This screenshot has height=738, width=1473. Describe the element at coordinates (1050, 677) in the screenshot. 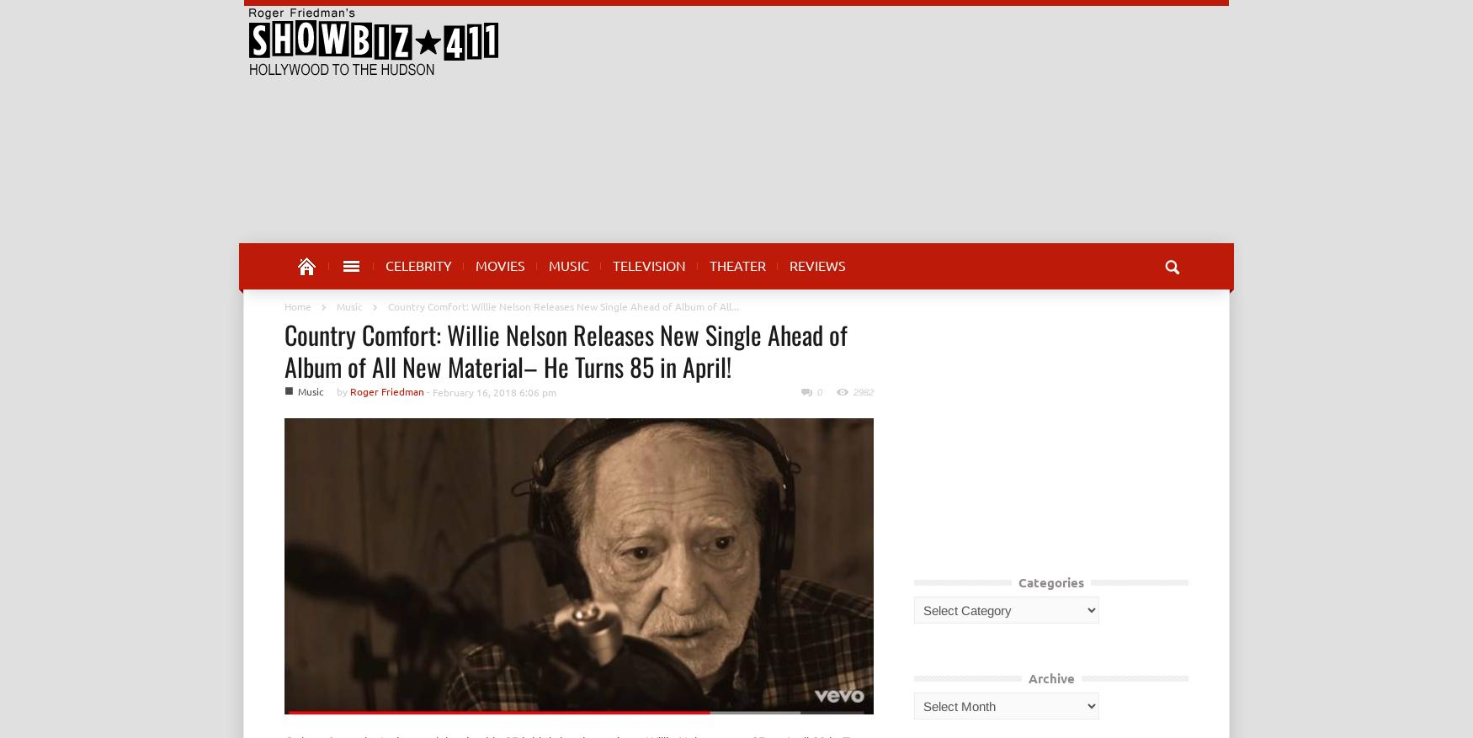

I see `'Archive'` at that location.